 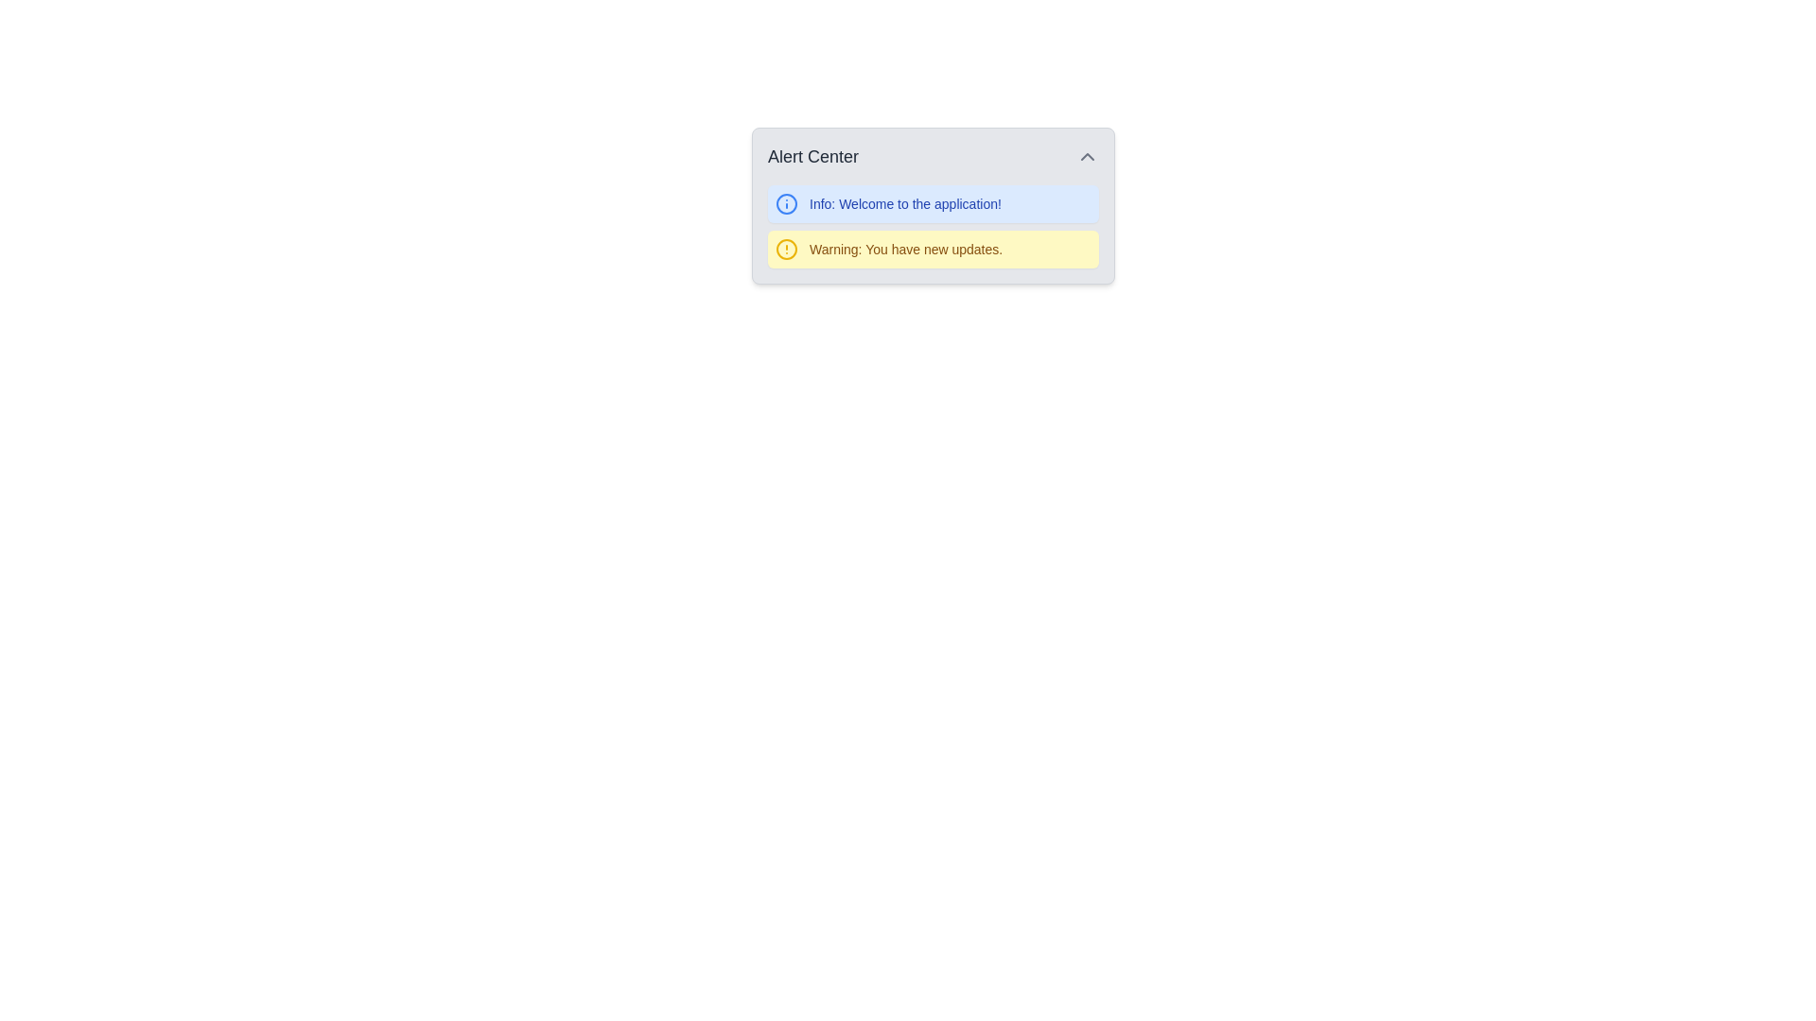 I want to click on notification messages from the 'Alert Center' Notification Panel, which includes an informational message and a warning message, so click(x=934, y=206).